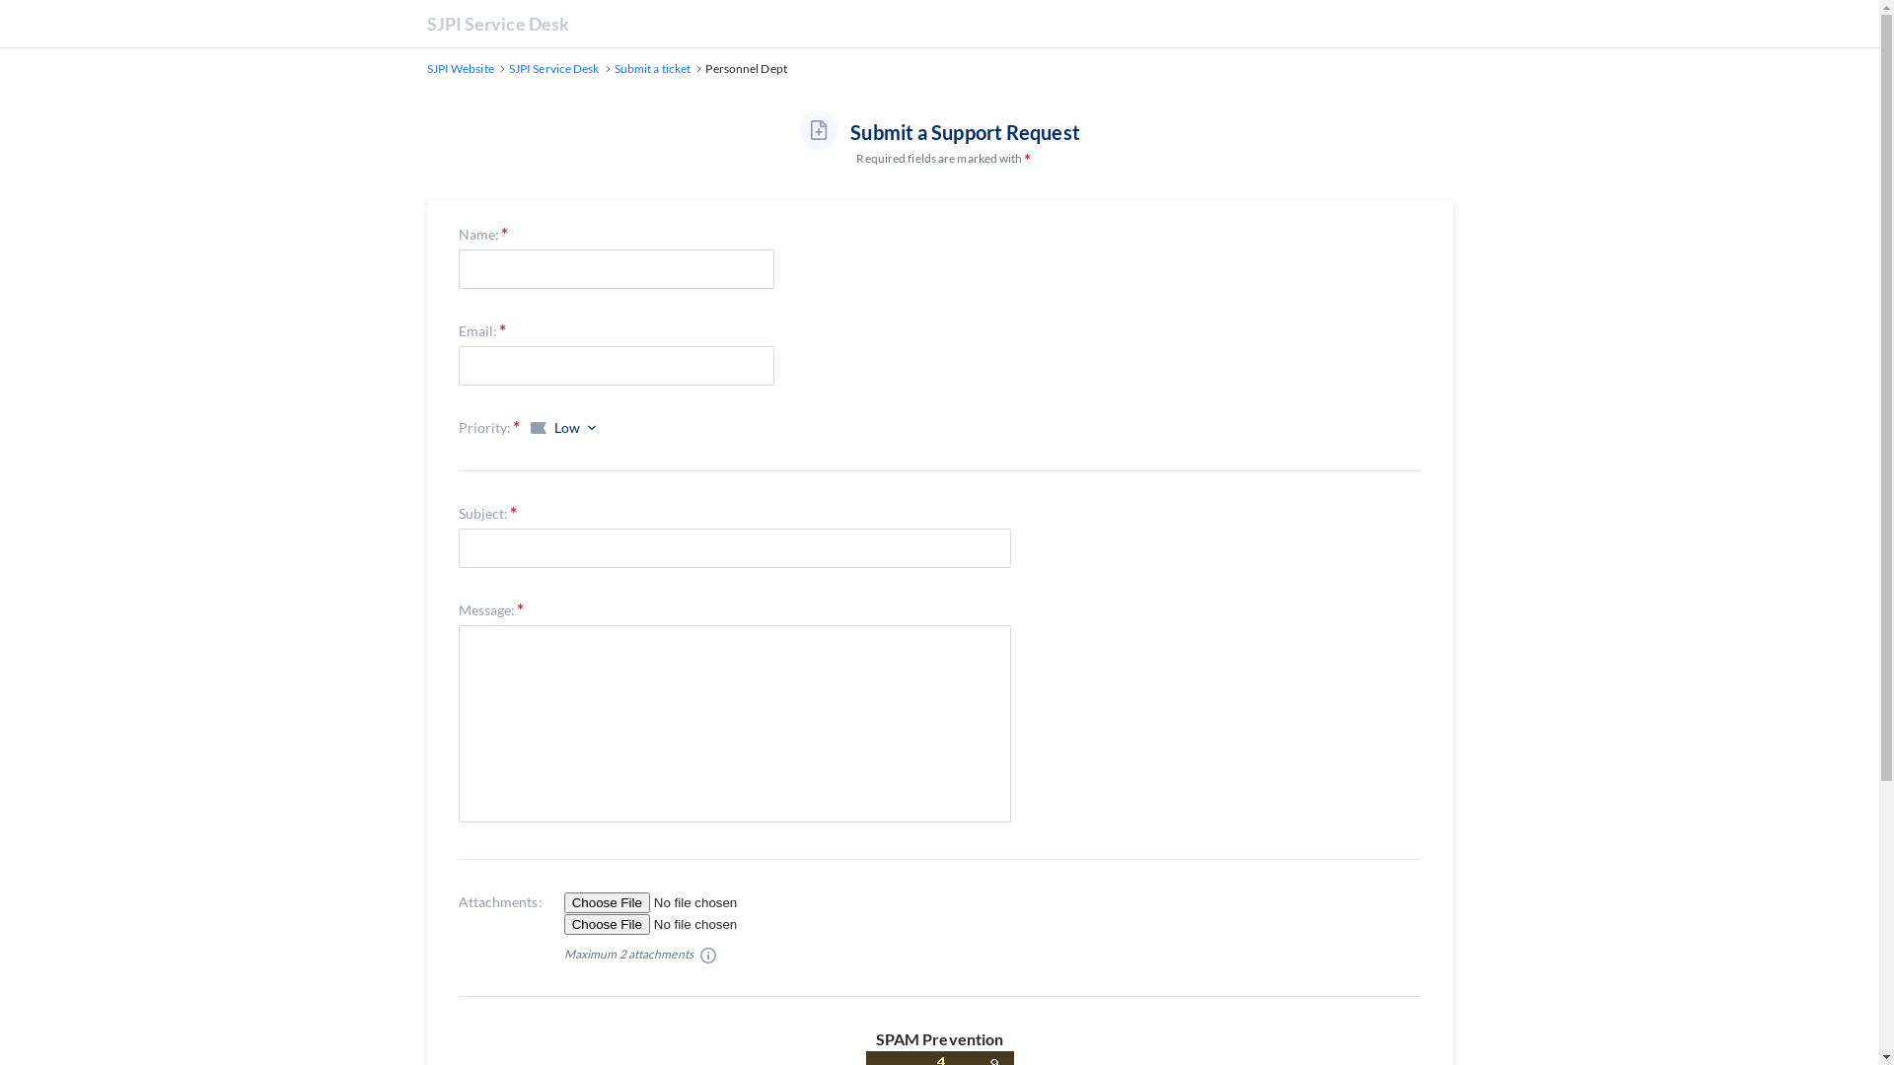  What do you see at coordinates (425, 67) in the screenshot?
I see `'SJPI Website'` at bounding box center [425, 67].